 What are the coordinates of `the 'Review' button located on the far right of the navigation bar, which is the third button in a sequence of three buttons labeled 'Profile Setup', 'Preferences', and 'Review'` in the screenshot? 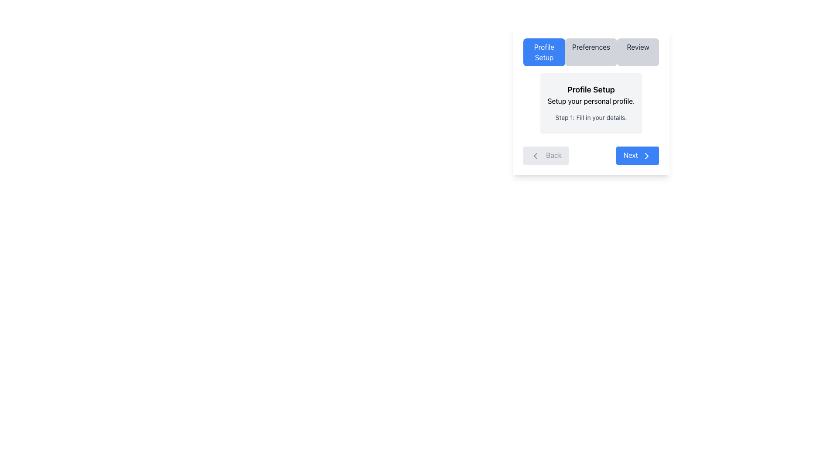 It's located at (638, 52).